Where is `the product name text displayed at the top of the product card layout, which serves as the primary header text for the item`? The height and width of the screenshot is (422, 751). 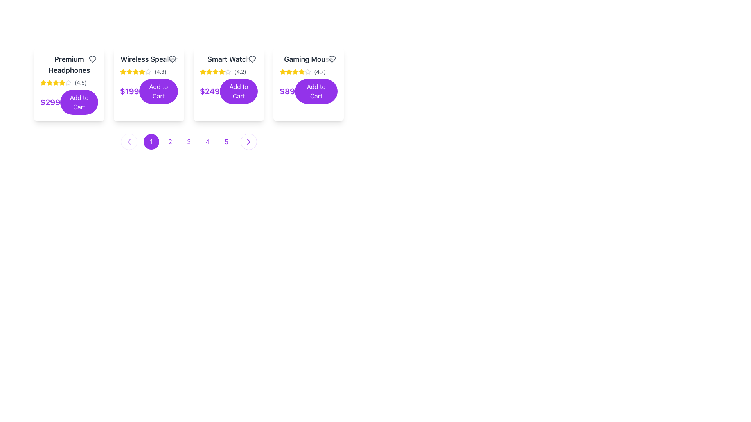
the product name text displayed at the top of the product card layout, which serves as the primary header text for the item is located at coordinates (69, 64).